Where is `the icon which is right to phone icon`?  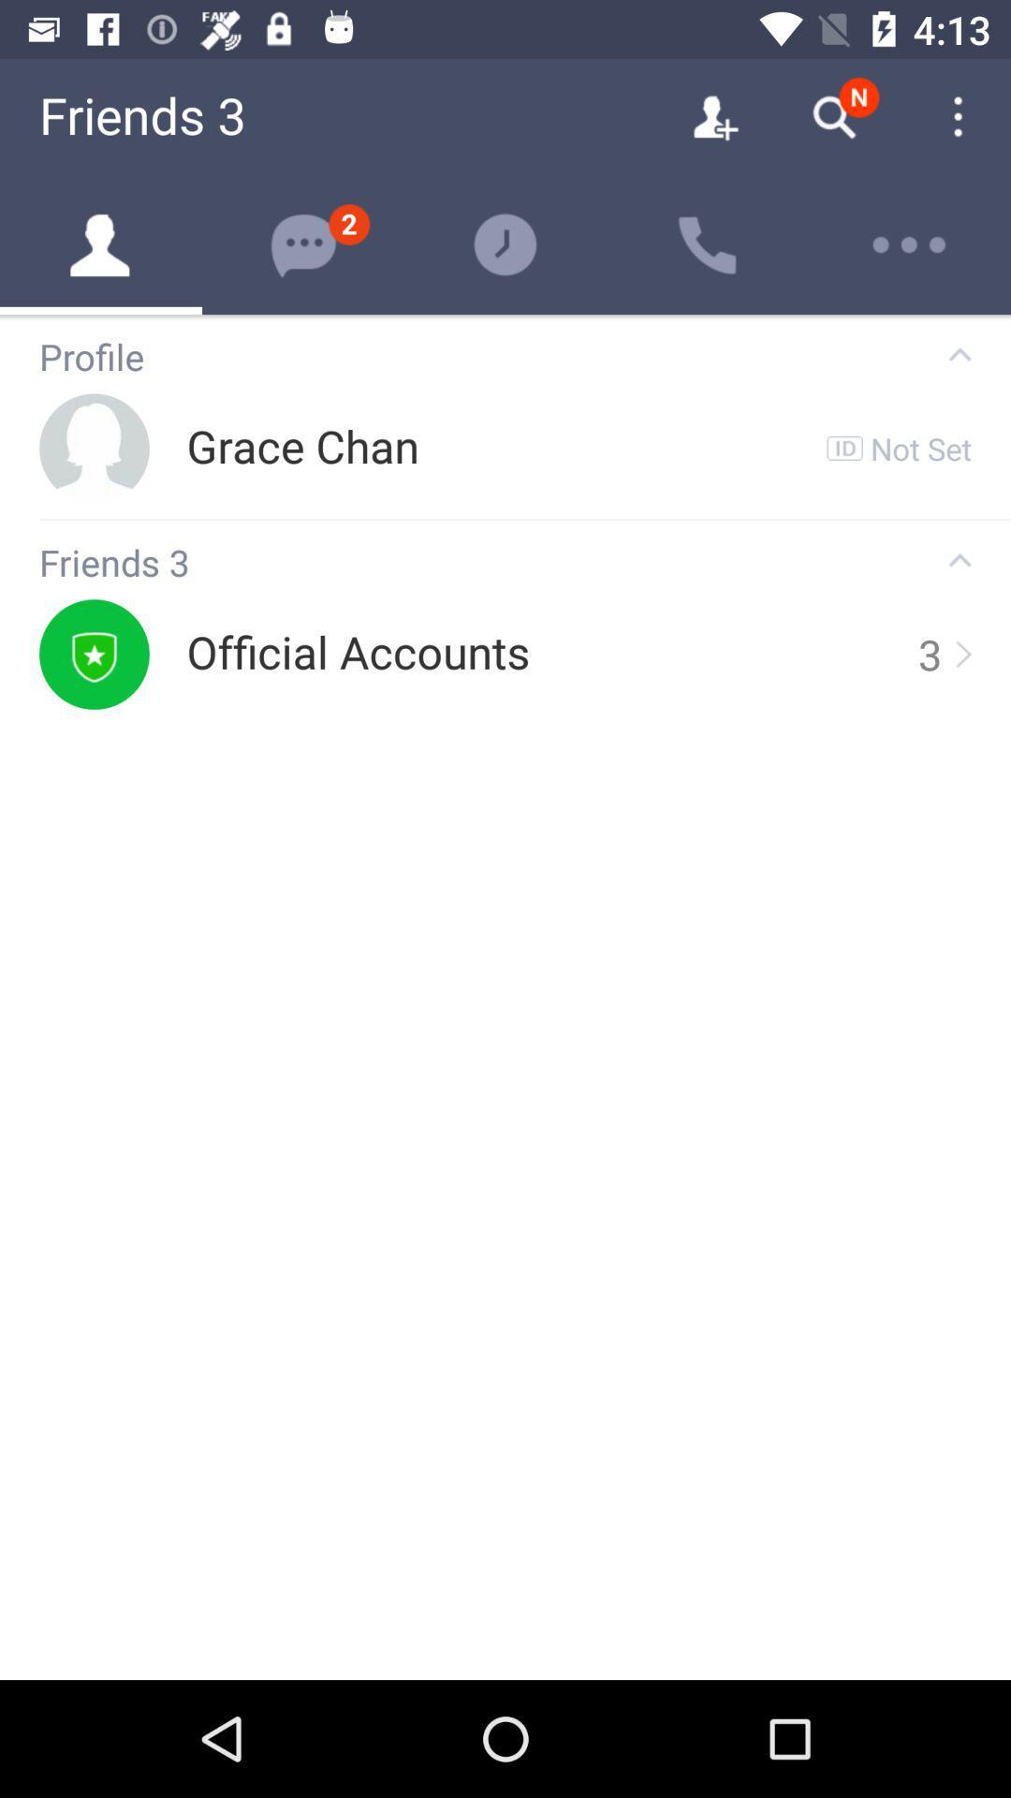 the icon which is right to phone icon is located at coordinates (909, 244).